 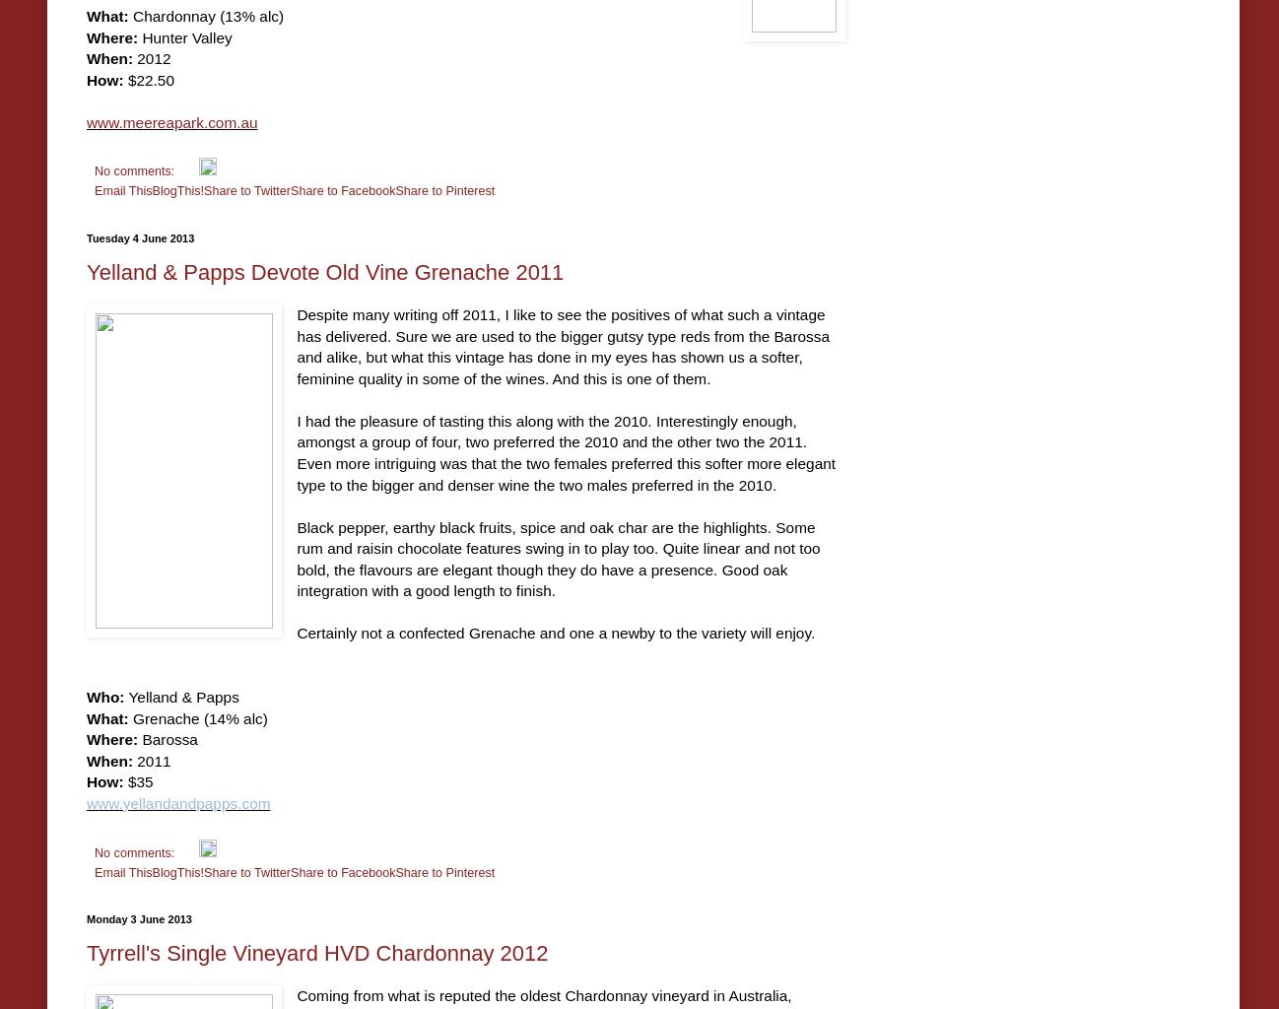 What do you see at coordinates (167, 738) in the screenshot?
I see `'Barossa'` at bounding box center [167, 738].